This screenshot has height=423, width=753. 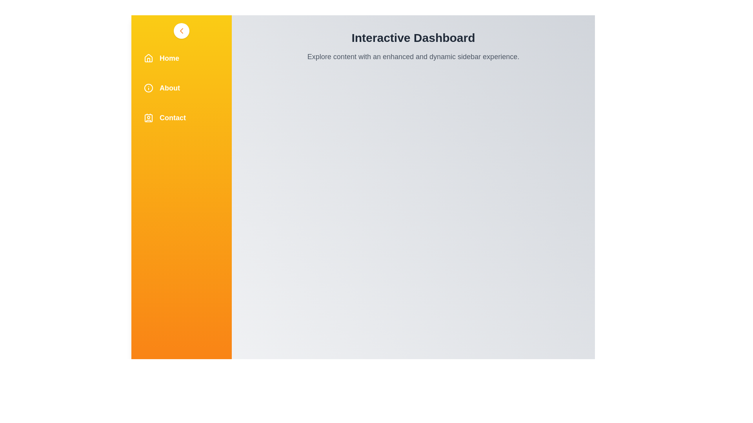 I want to click on sidebar toggle button to change the sidebar state, so click(x=181, y=30).